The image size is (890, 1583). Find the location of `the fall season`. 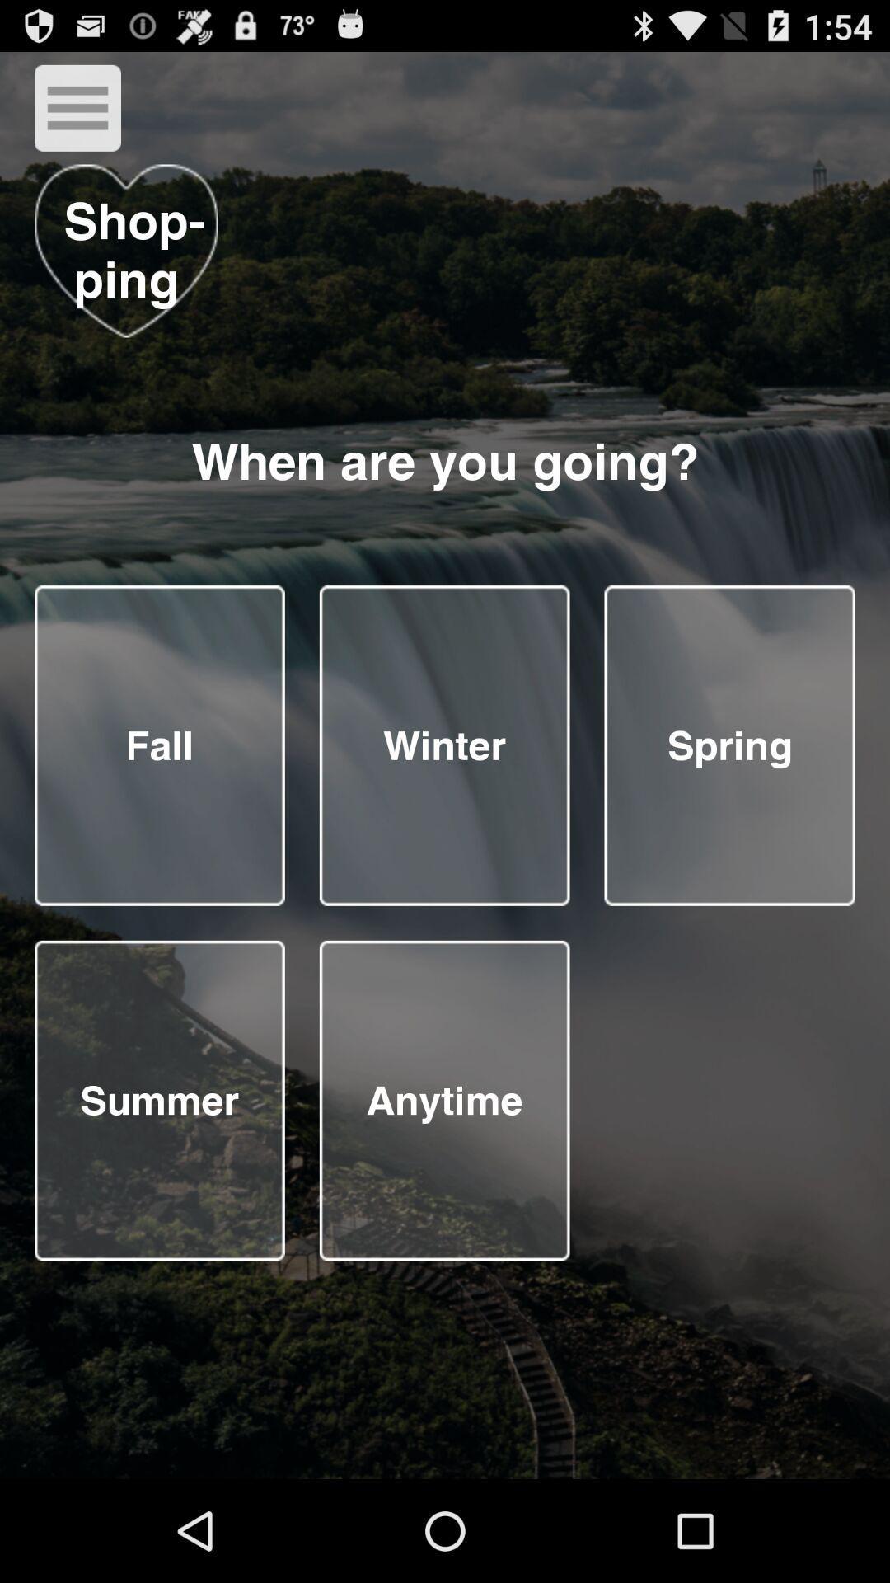

the fall season is located at coordinates (159, 745).